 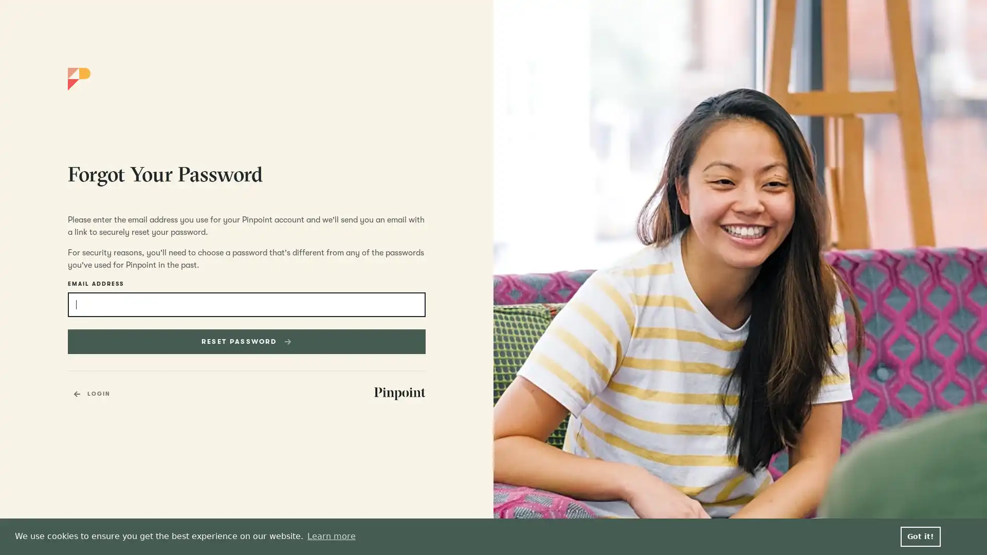 What do you see at coordinates (920, 536) in the screenshot?
I see `dismiss cookie message` at bounding box center [920, 536].